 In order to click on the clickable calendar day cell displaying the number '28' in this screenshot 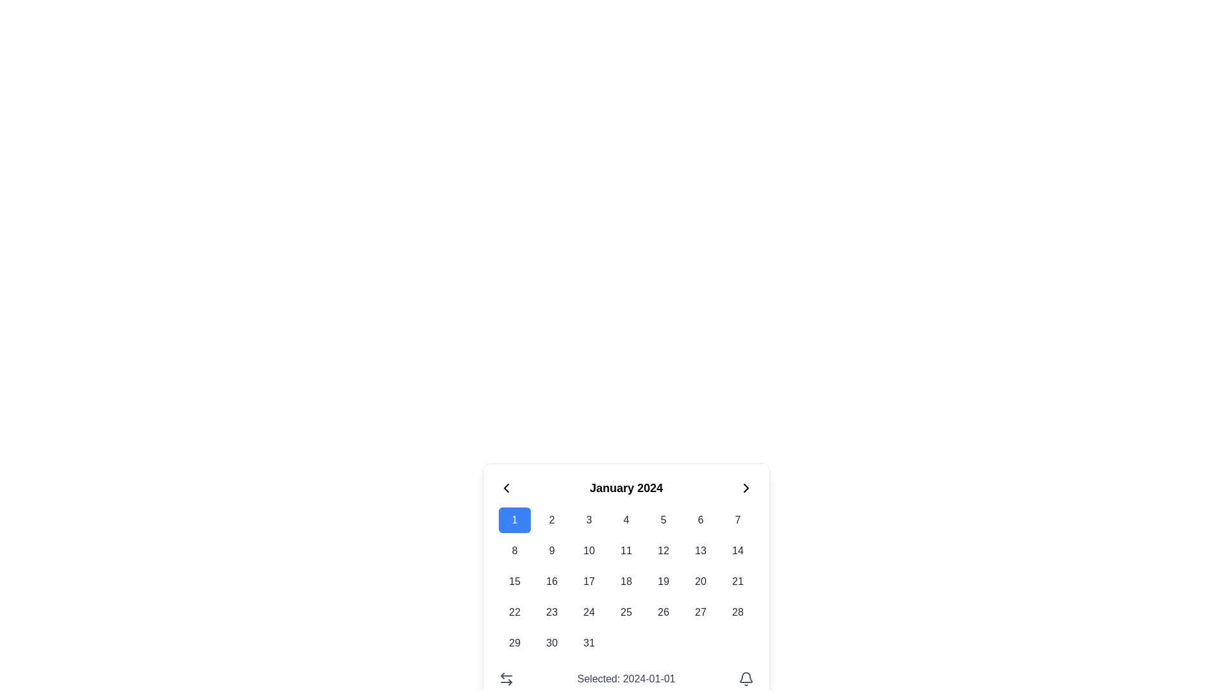, I will do `click(738, 612)`.